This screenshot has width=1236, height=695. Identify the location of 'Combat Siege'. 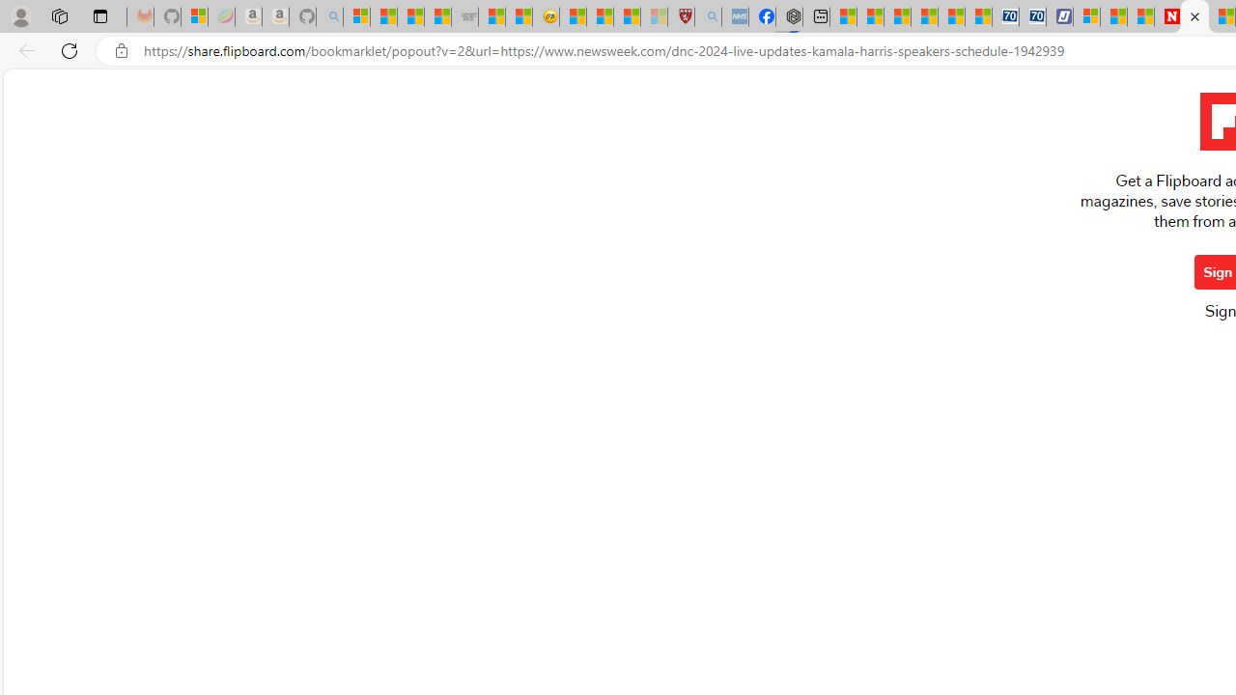
(464, 16).